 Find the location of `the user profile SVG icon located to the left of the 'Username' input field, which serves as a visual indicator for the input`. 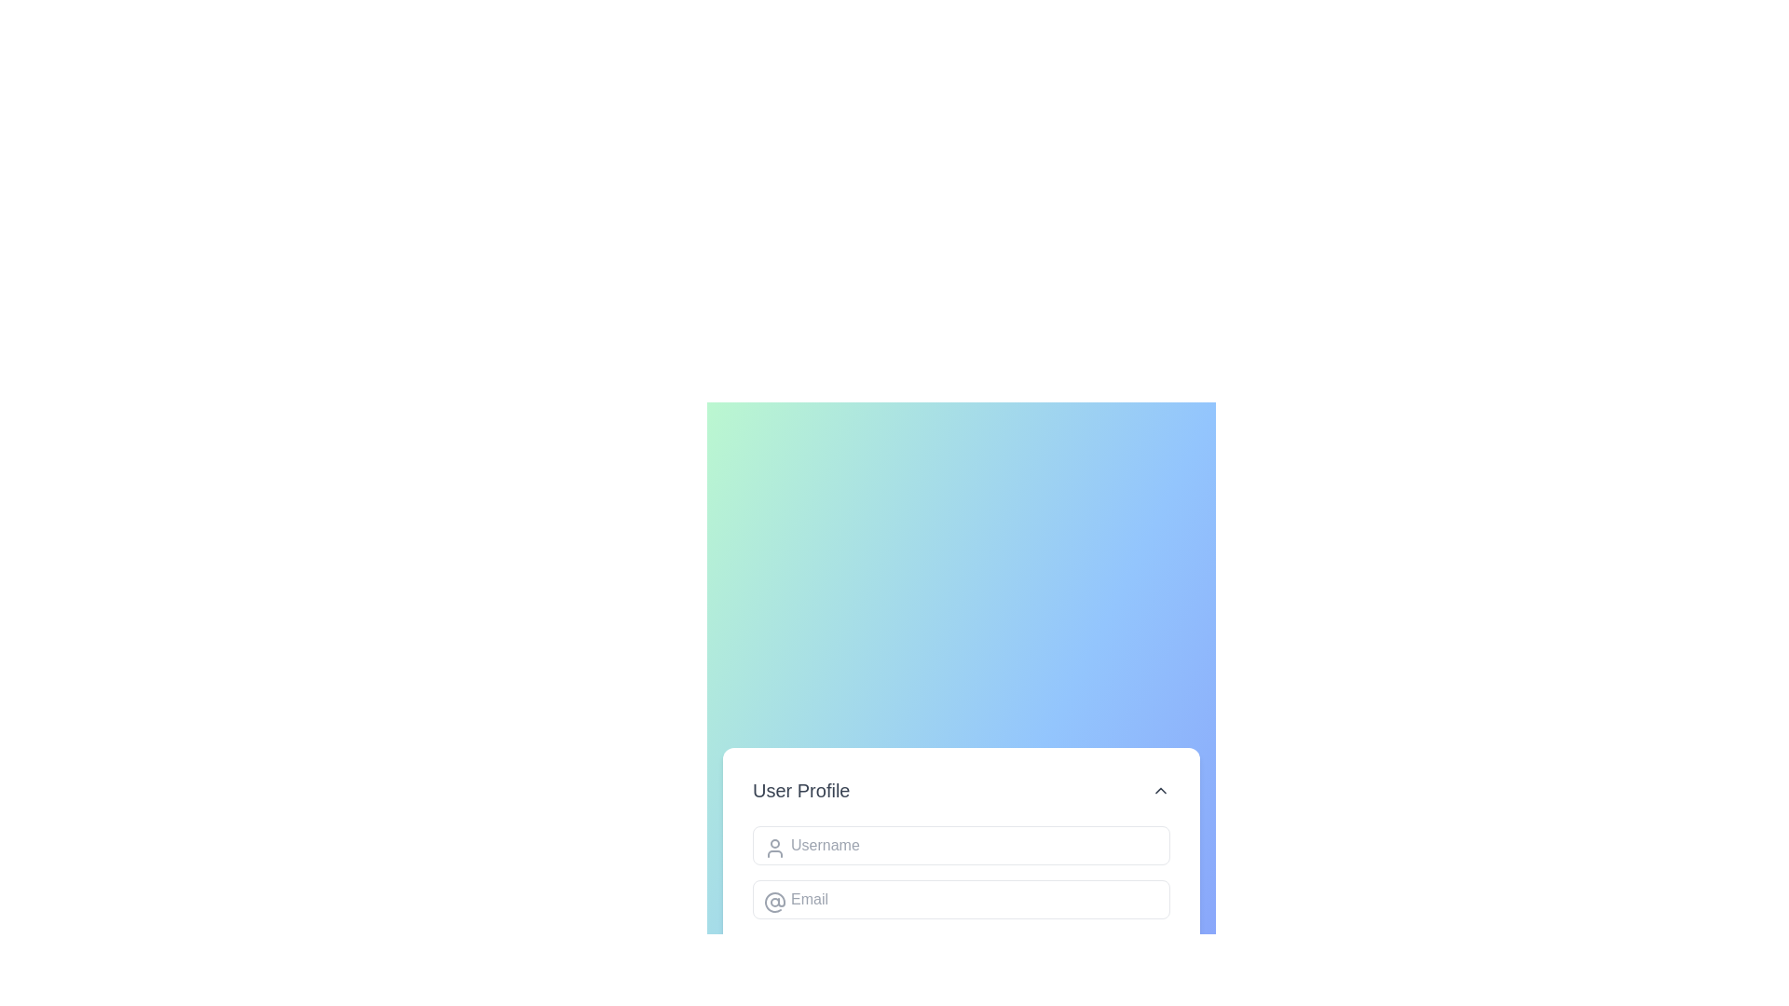

the user profile SVG icon located to the left of the 'Username' input field, which serves as a visual indicator for the input is located at coordinates (774, 848).